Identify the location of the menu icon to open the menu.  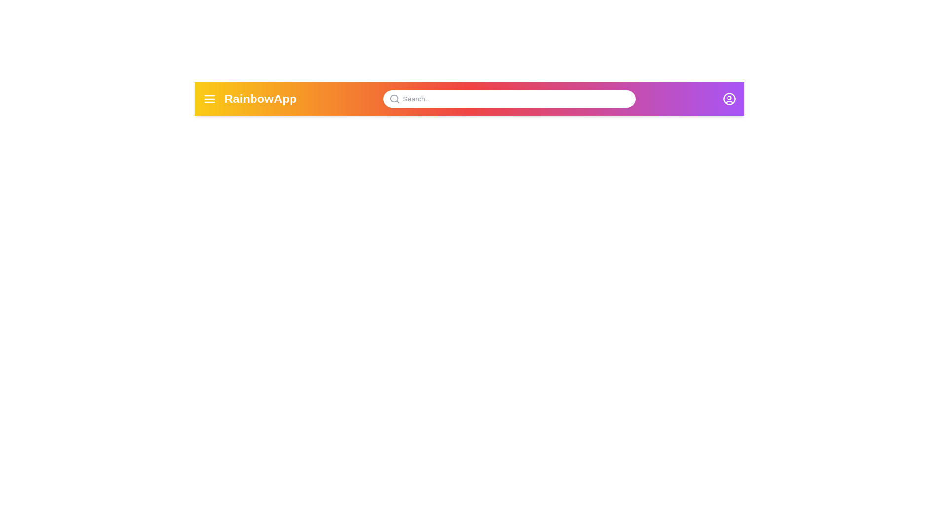
(209, 99).